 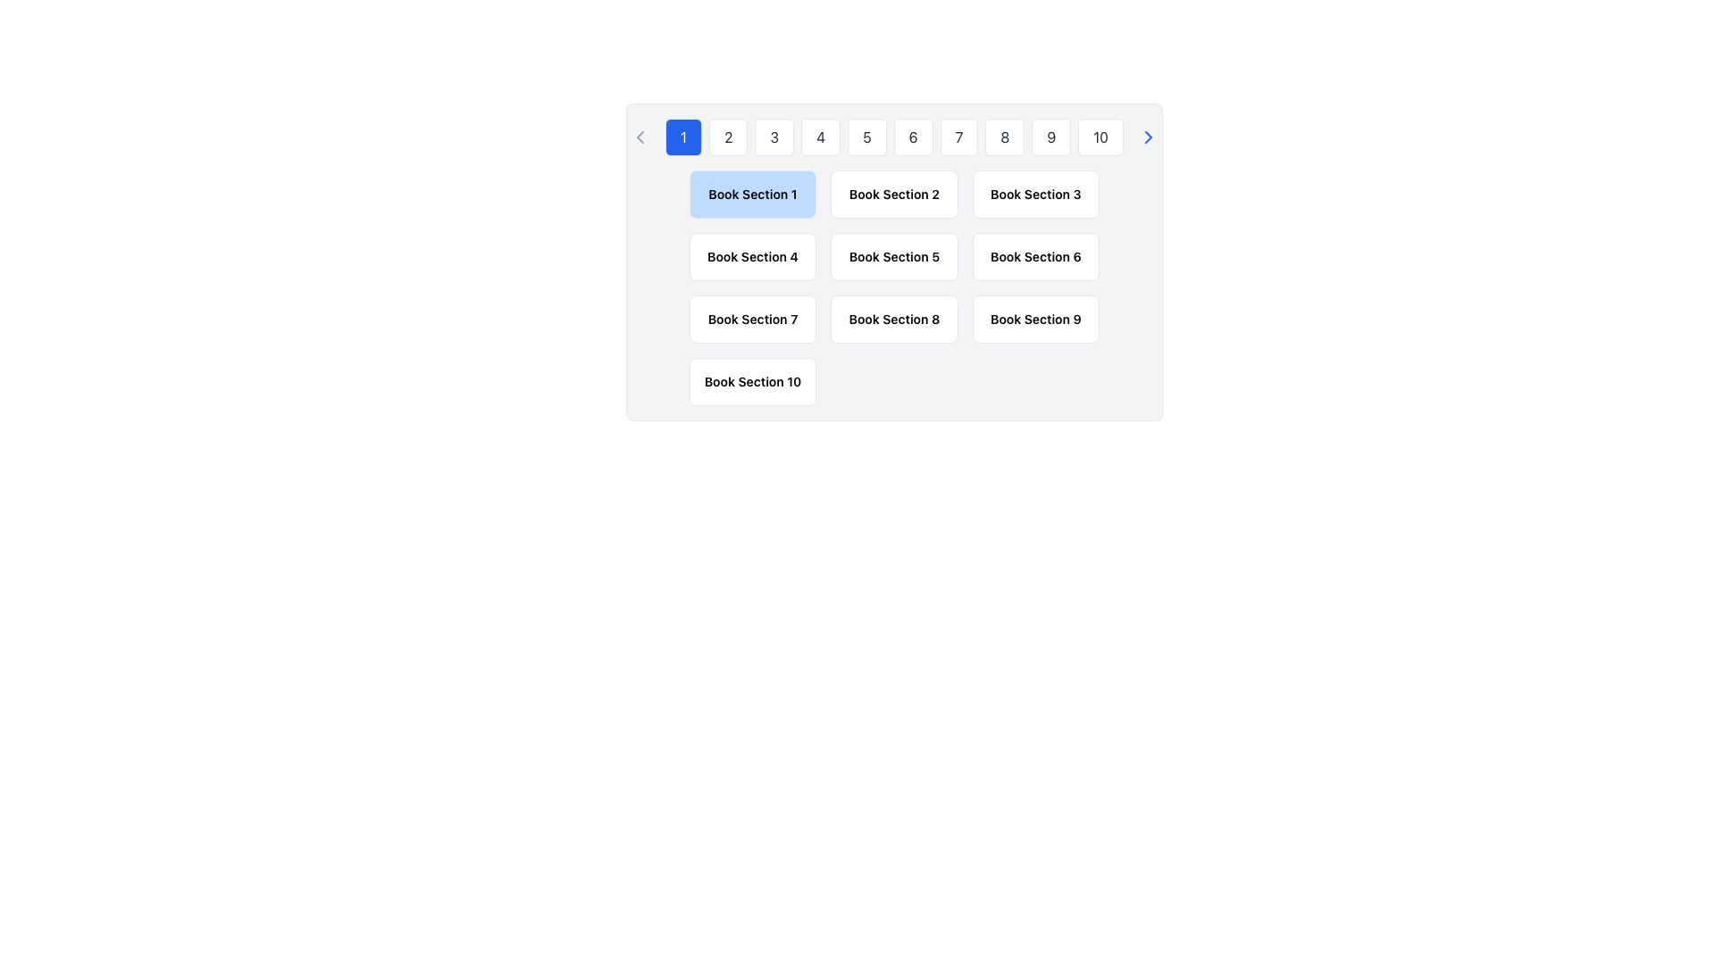 I want to click on the right-facing chevron icon in the top-right area of the pagination bar, so click(x=1149, y=137).